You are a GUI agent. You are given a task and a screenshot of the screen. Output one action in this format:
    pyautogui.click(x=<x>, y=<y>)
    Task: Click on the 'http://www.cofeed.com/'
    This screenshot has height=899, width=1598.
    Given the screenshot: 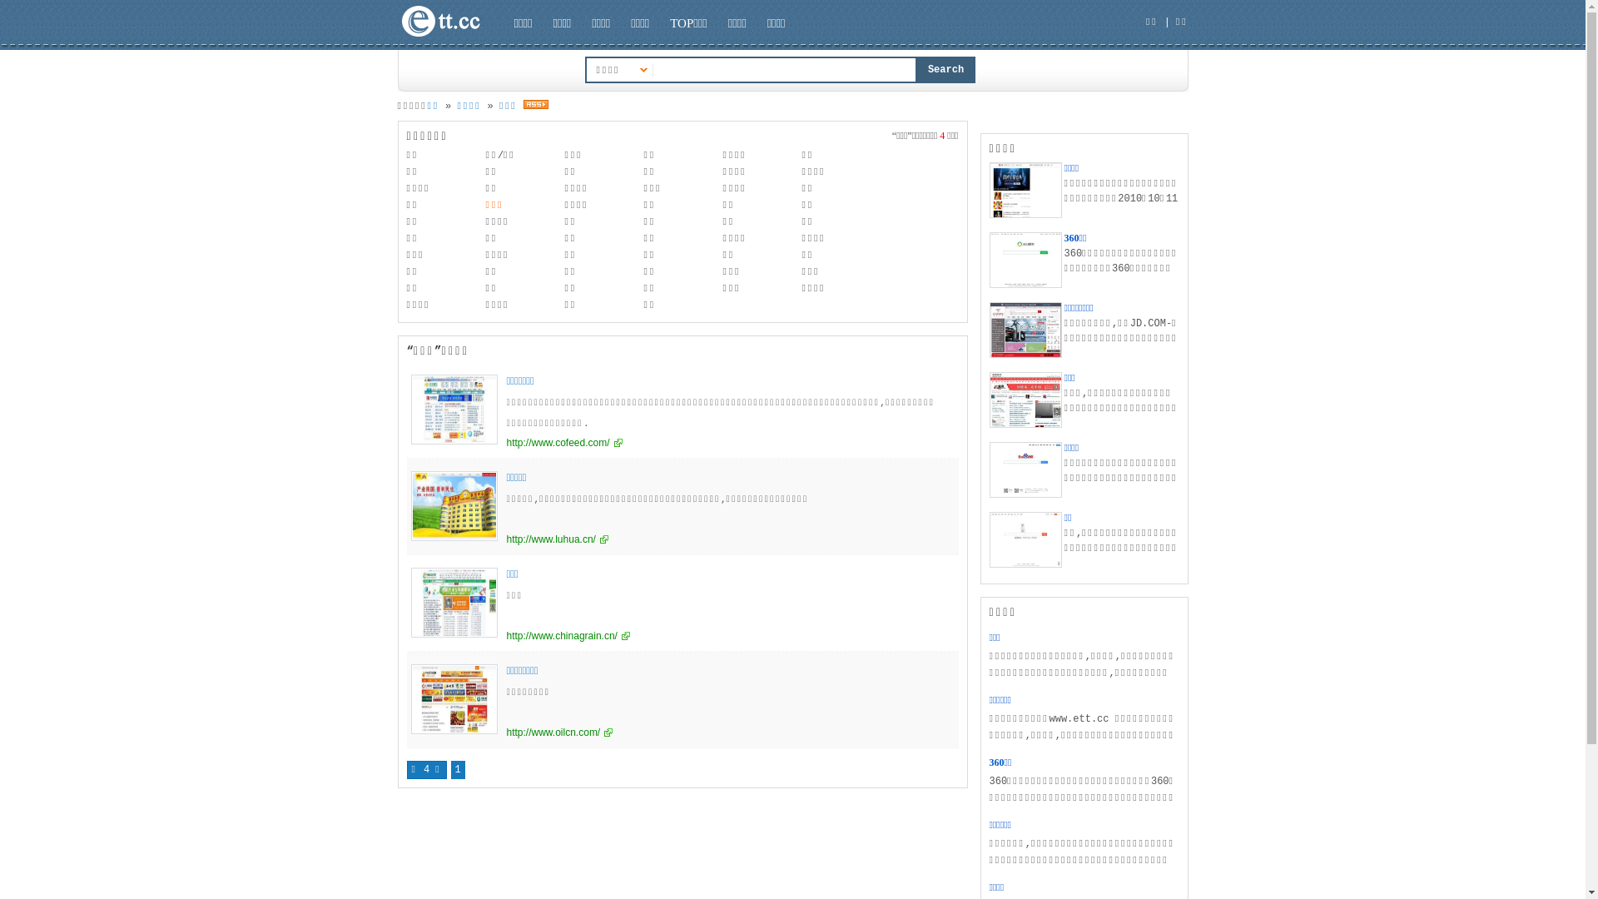 What is the action you would take?
    pyautogui.click(x=505, y=442)
    